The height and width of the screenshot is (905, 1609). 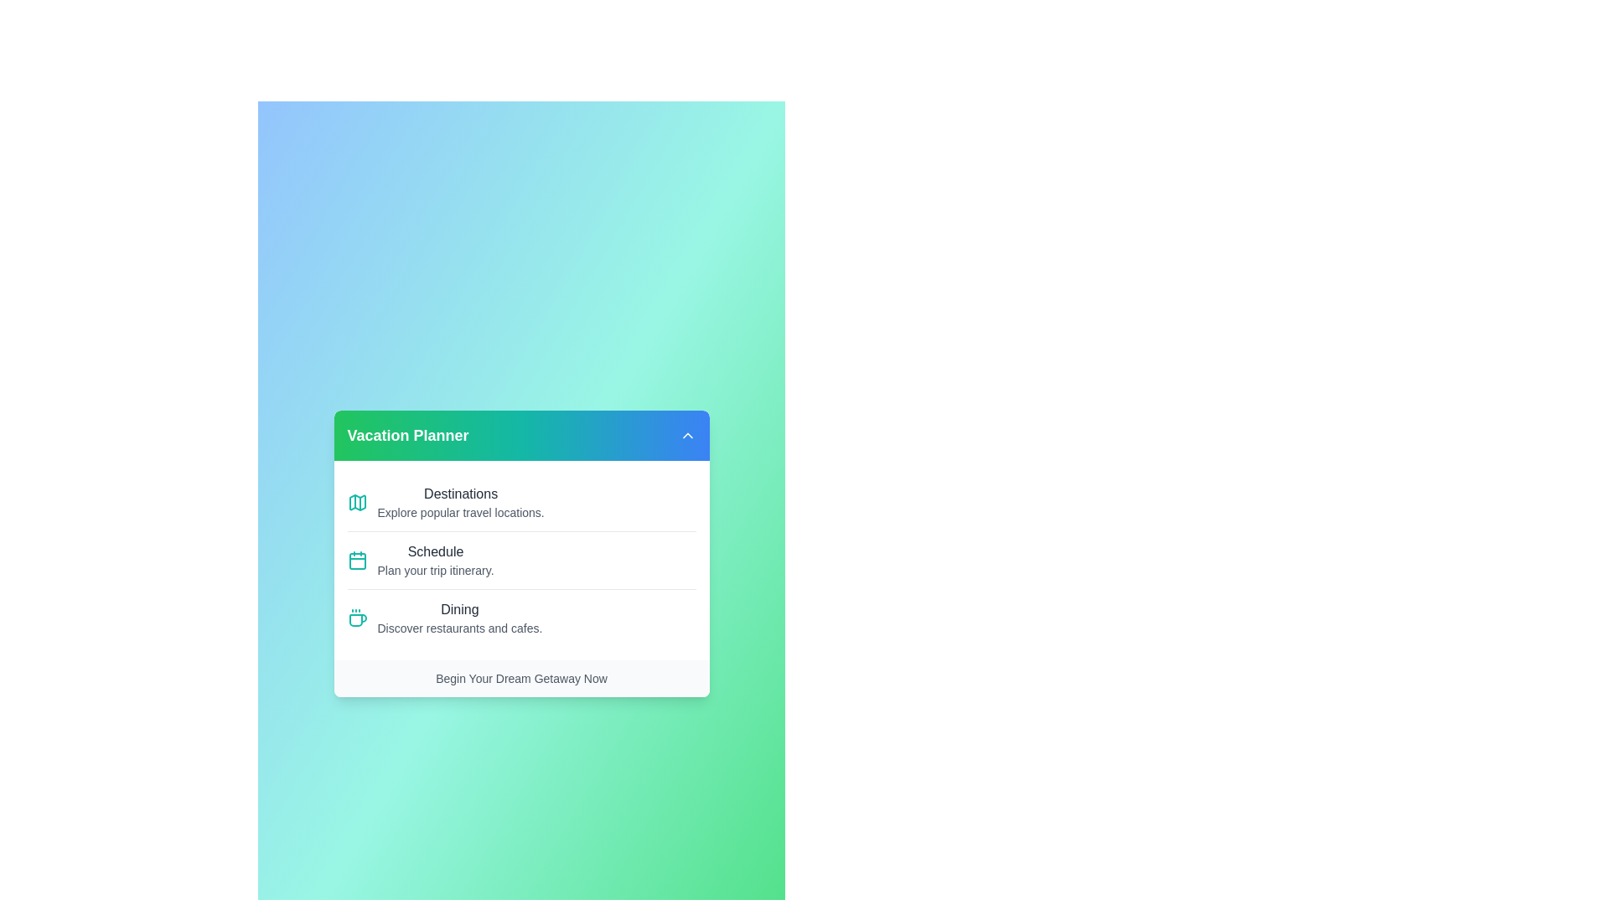 I want to click on the menu item Destinations to observe its visual feedback, so click(x=520, y=502).